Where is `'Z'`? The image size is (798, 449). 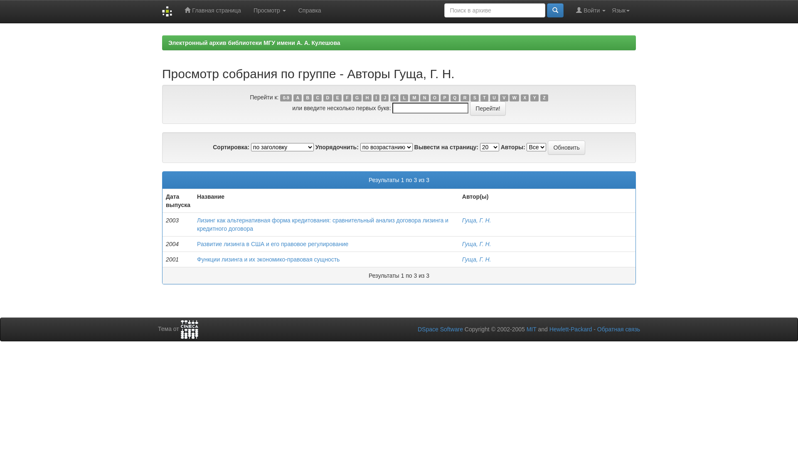 'Z' is located at coordinates (544, 97).